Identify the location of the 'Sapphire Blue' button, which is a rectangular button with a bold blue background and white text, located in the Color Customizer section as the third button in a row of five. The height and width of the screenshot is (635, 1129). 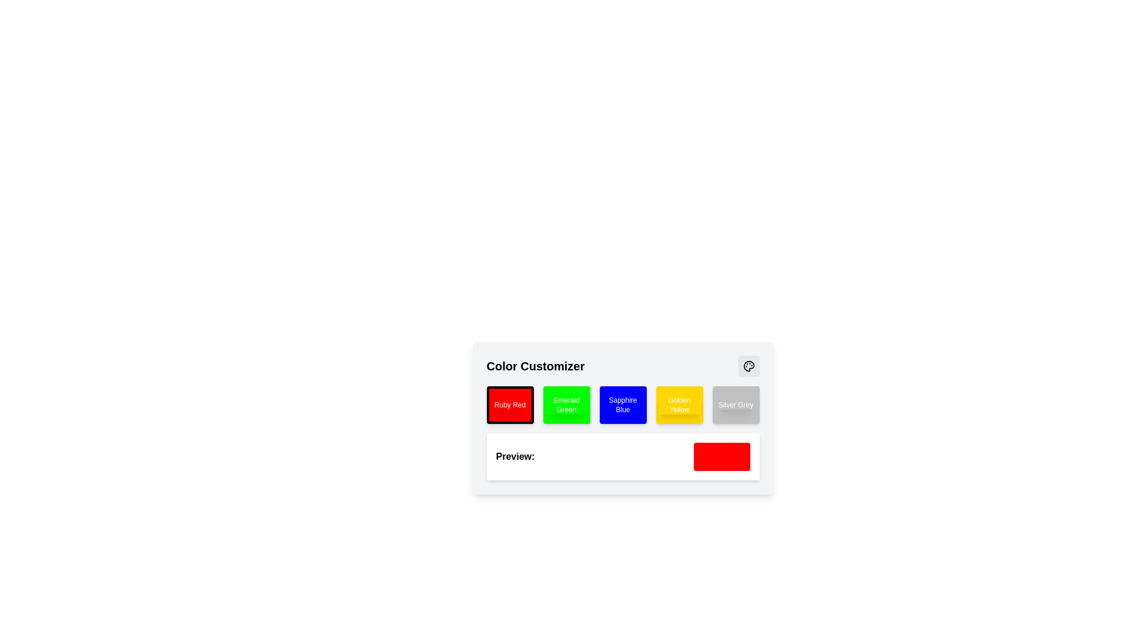
(622, 405).